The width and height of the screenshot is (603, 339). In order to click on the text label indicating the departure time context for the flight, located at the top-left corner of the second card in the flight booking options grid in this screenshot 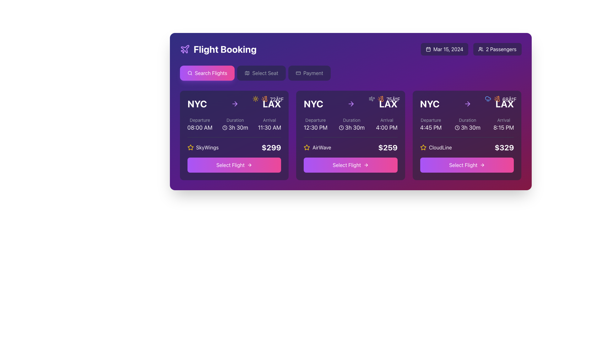, I will do `click(315, 120)`.